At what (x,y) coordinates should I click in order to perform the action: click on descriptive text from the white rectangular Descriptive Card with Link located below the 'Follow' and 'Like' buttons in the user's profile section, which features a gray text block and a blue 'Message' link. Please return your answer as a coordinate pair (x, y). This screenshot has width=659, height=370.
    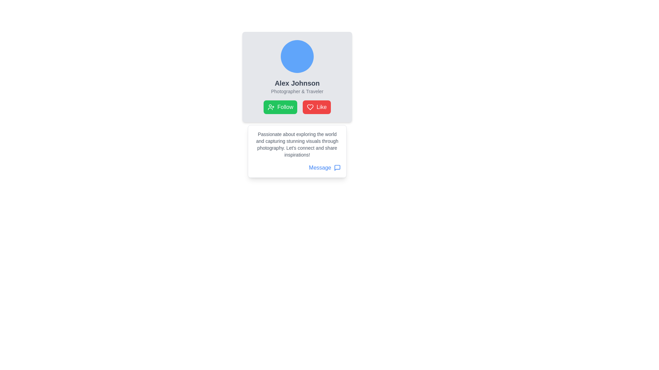
    Looking at the image, I should click on (297, 151).